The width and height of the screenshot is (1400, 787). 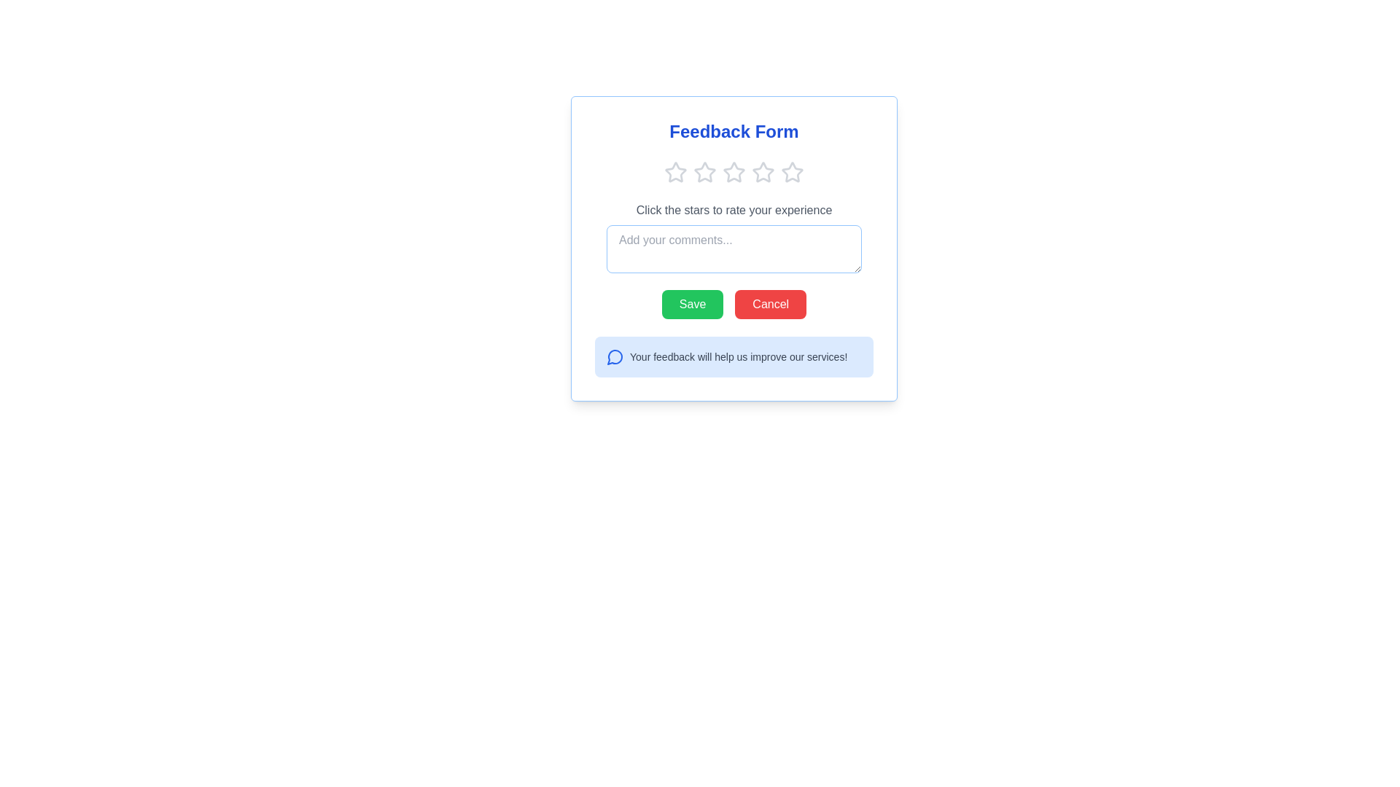 I want to click on the red 'Cancel' button with white text, so click(x=770, y=303).